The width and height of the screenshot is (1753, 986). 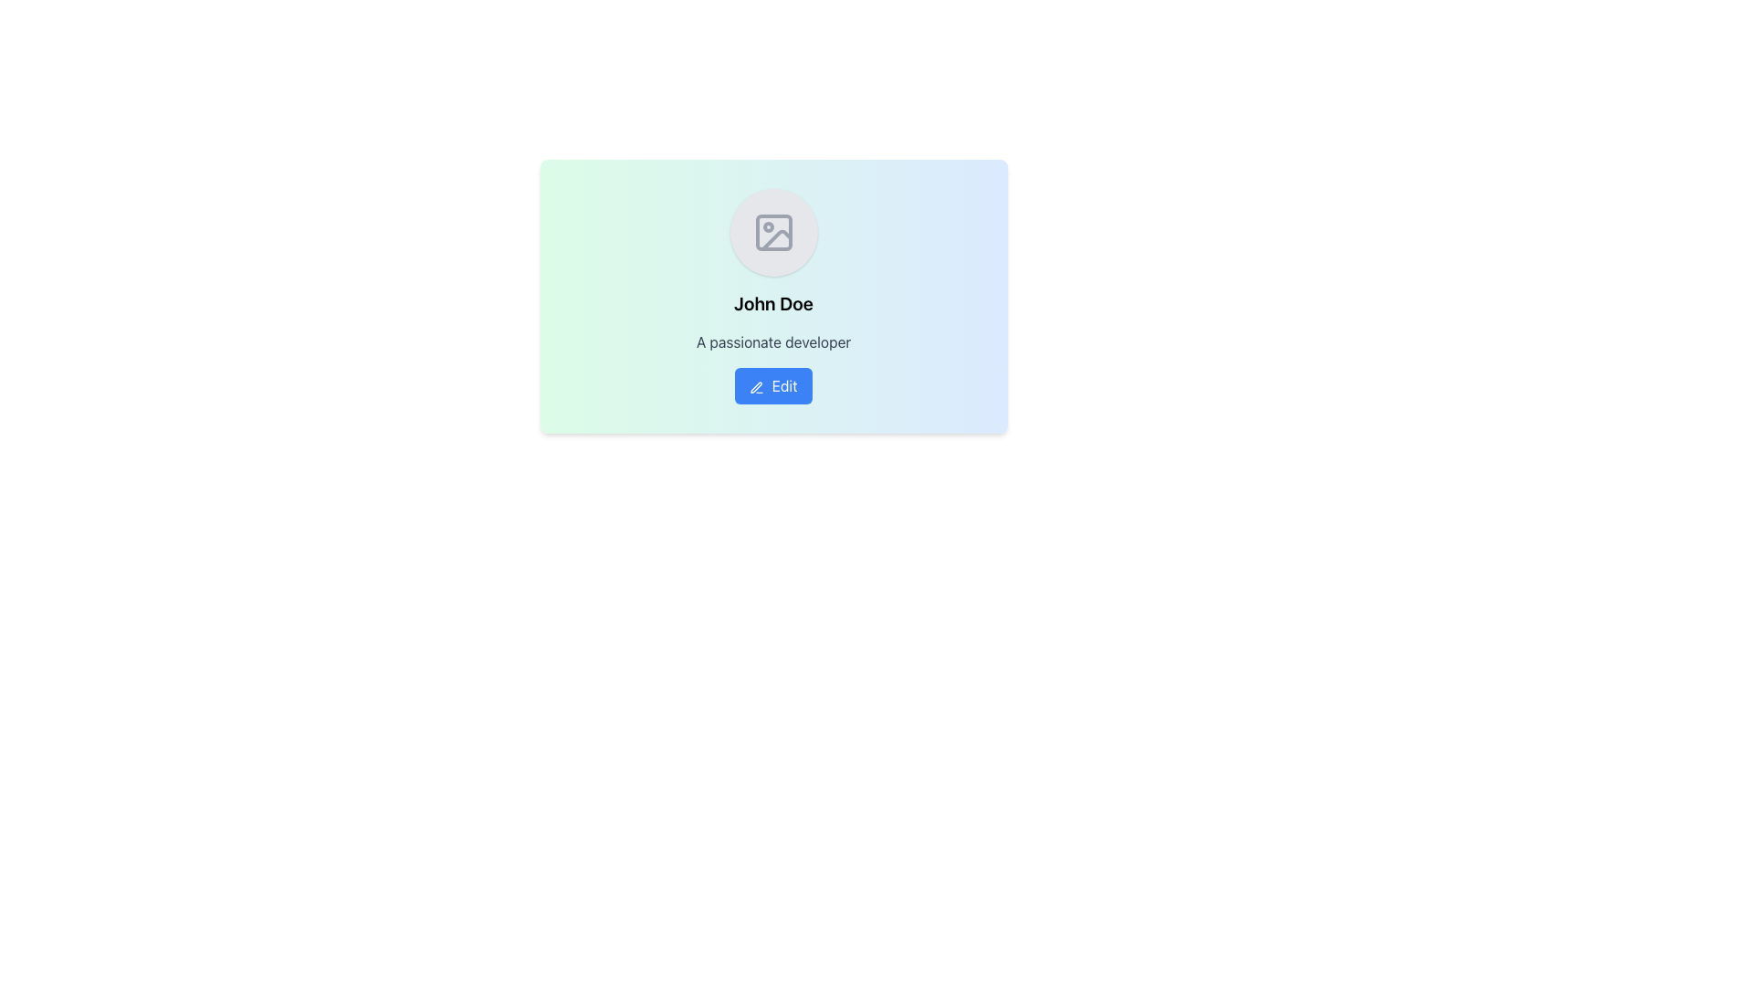 I want to click on the text label displaying 'John Doe', which serves as the main identifier for the user profile, located centrally below the avatar, so click(x=773, y=302).